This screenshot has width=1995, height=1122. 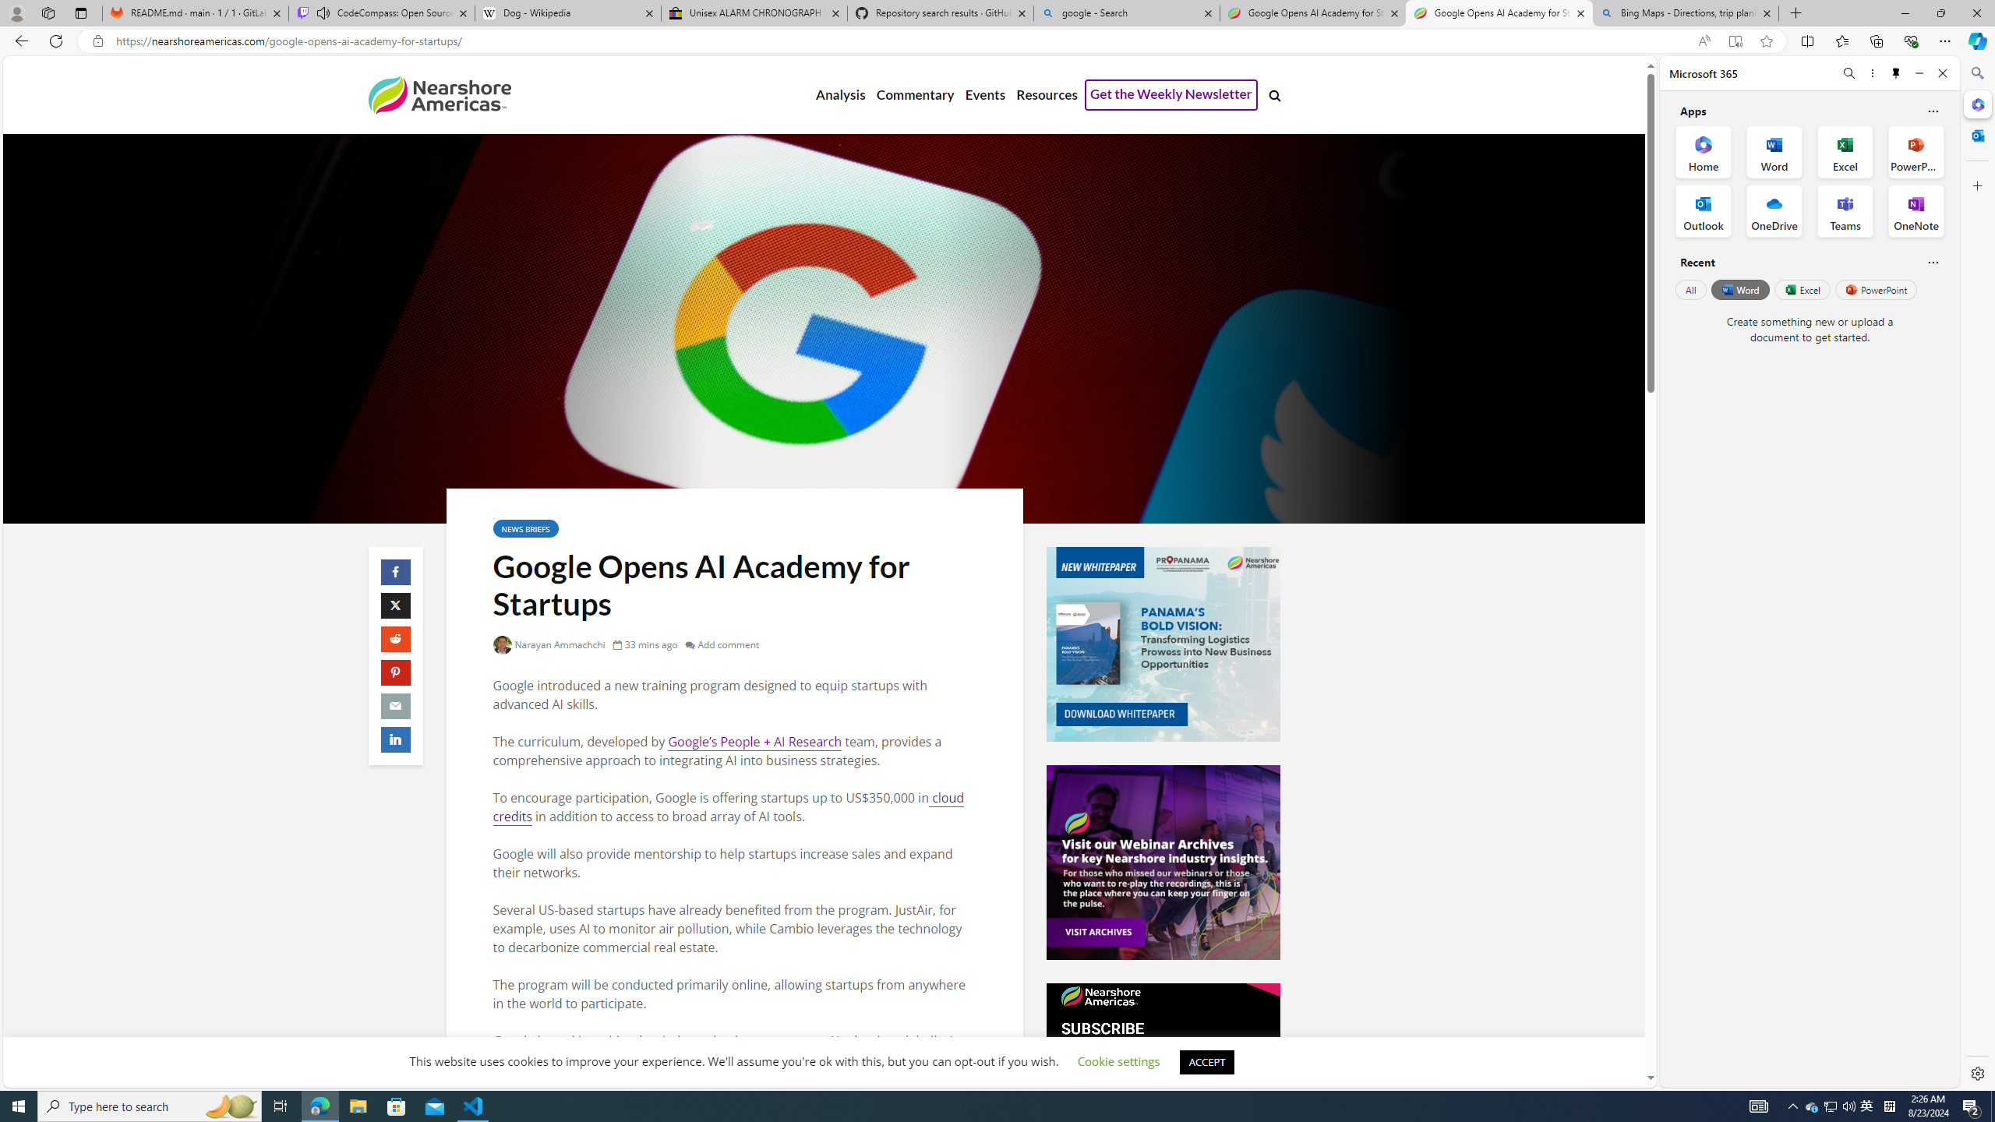 I want to click on 'Side bar', so click(x=1977, y=573).